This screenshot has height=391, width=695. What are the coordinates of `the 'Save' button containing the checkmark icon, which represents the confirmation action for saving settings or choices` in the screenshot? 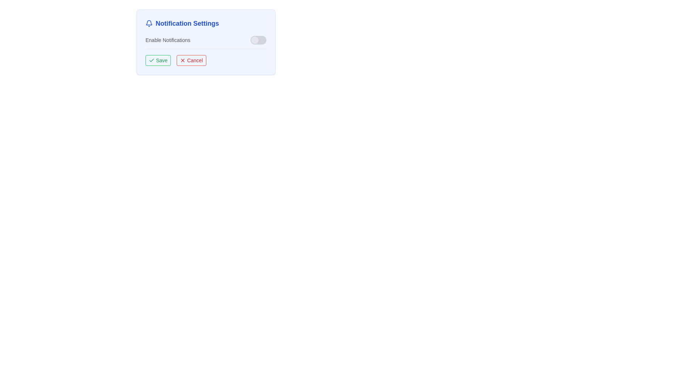 It's located at (151, 60).